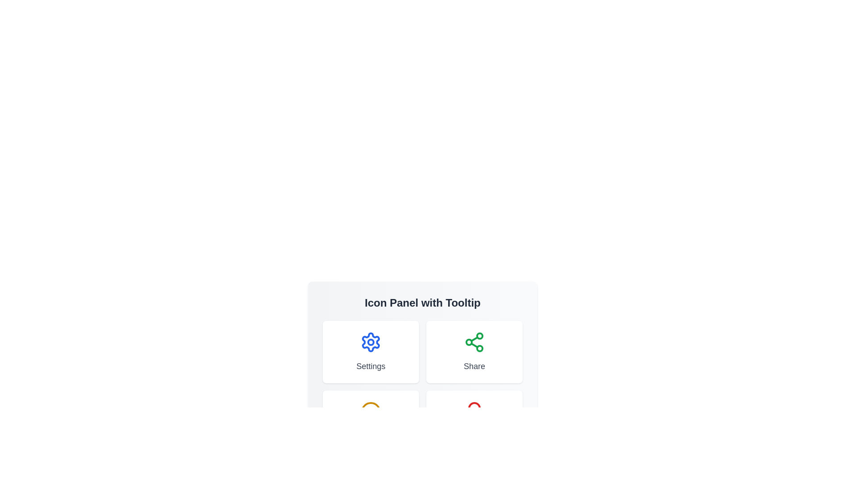  Describe the element at coordinates (370, 342) in the screenshot. I see `the small circular SVG Circle located at the center of the gear icon within the Settings button in the icon panel` at that location.